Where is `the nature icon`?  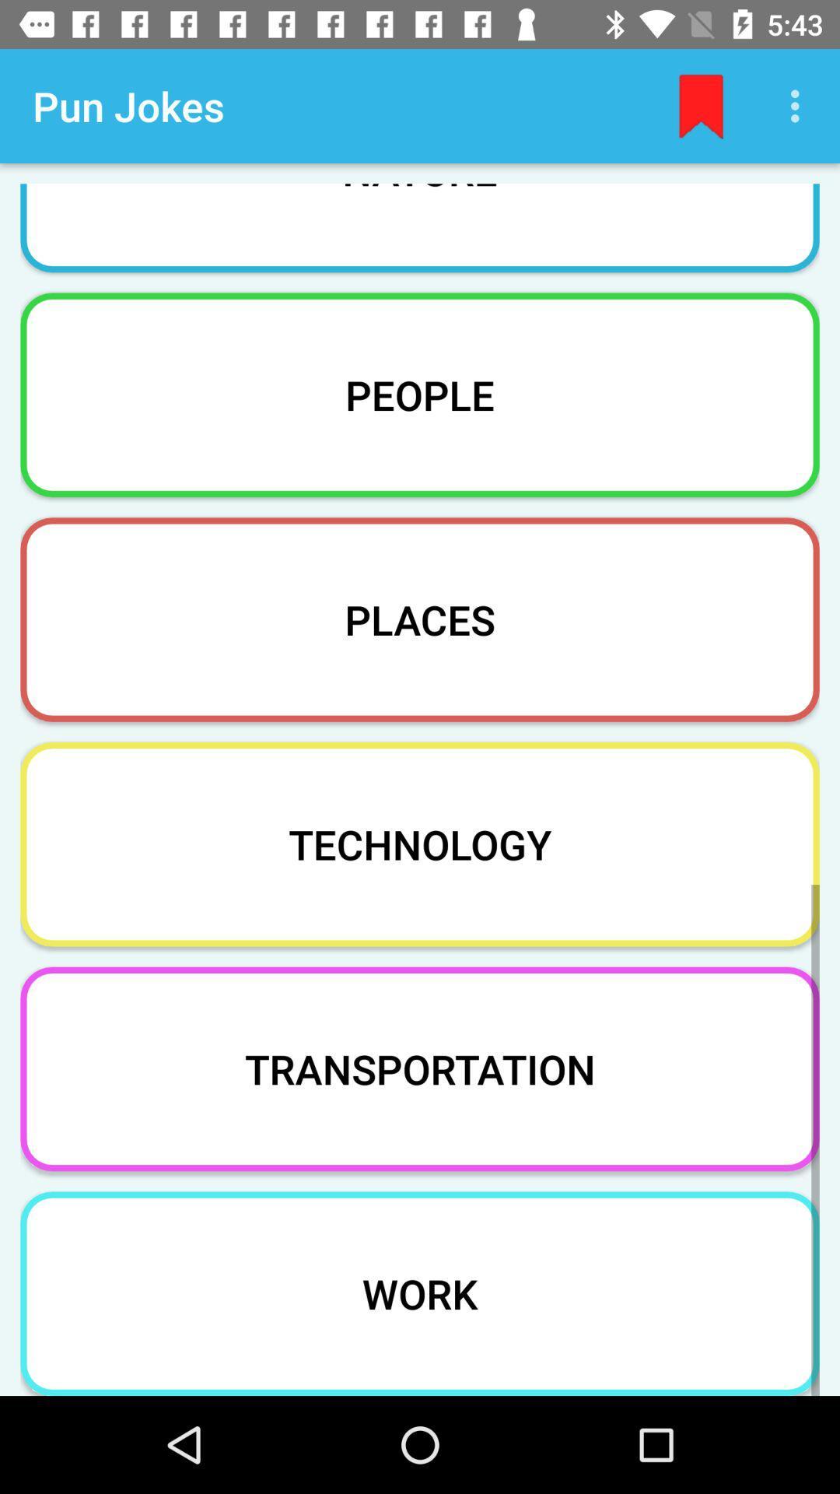 the nature icon is located at coordinates (420, 217).